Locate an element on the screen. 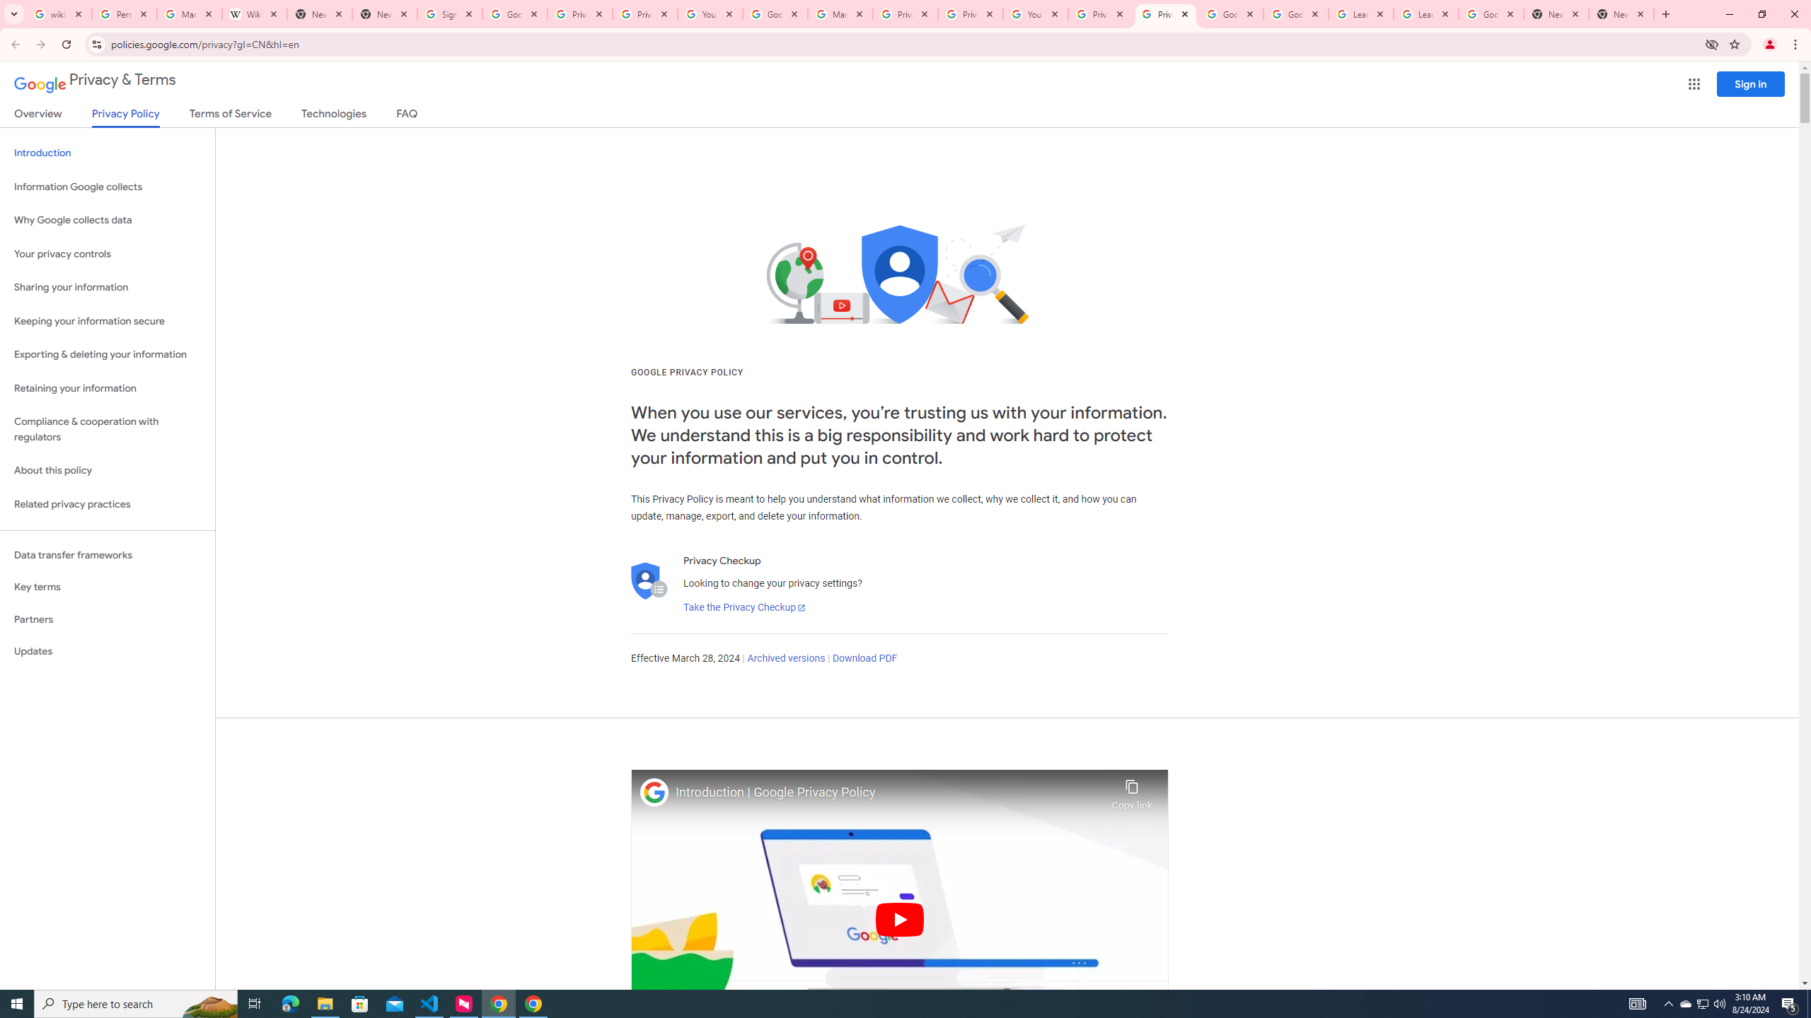 The height and width of the screenshot is (1018, 1811). 'Sign in - Google Accounts' is located at coordinates (449, 13).